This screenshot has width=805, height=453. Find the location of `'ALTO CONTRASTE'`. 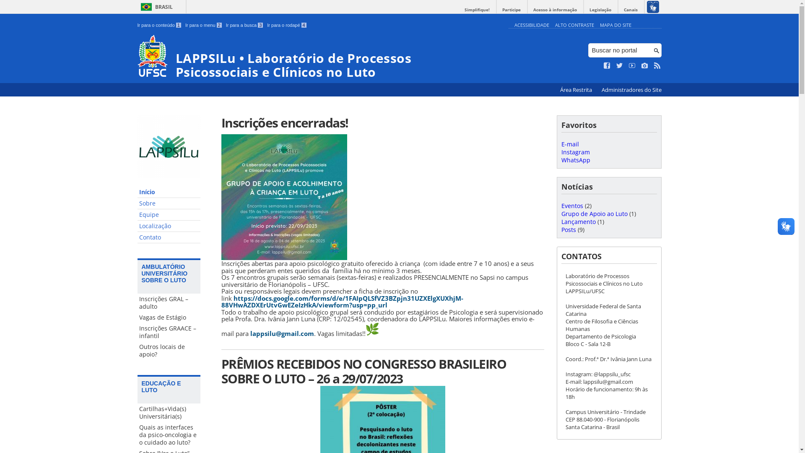

'ALTO CONTRASTE' is located at coordinates (574, 24).